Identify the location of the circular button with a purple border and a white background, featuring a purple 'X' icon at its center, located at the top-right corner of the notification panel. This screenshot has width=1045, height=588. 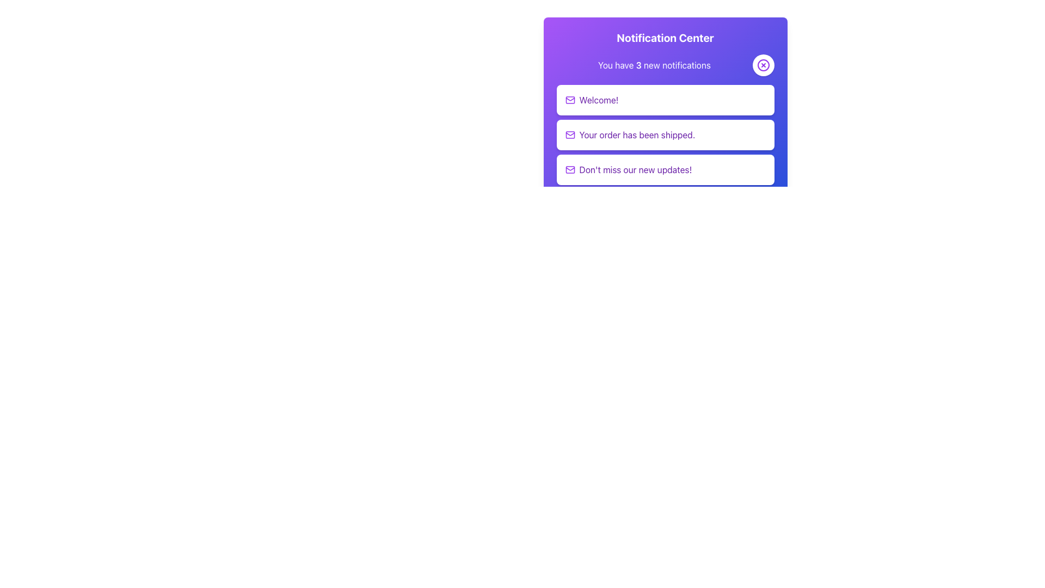
(763, 65).